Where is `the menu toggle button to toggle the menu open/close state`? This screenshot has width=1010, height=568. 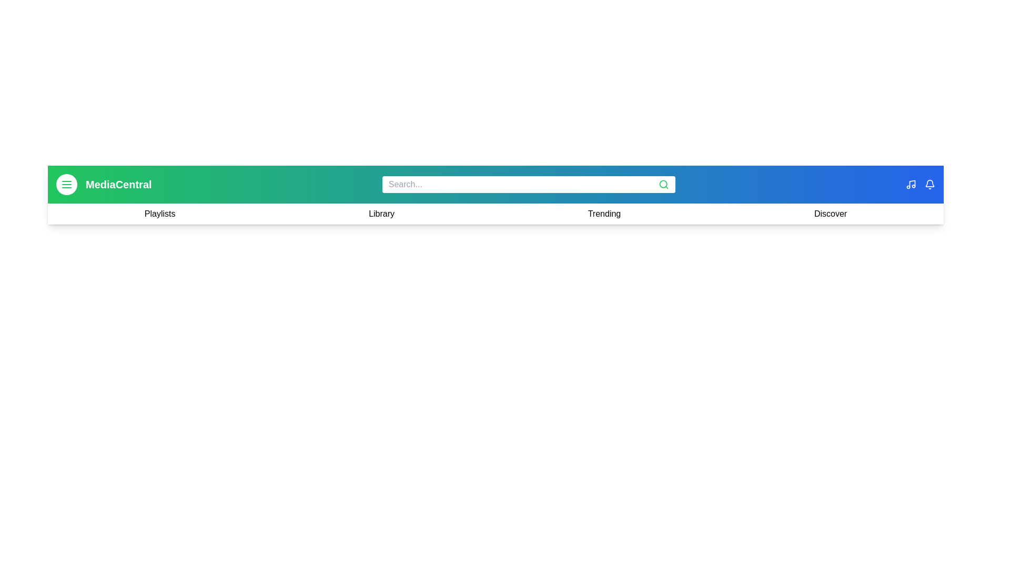
the menu toggle button to toggle the menu open/close state is located at coordinates (66, 184).